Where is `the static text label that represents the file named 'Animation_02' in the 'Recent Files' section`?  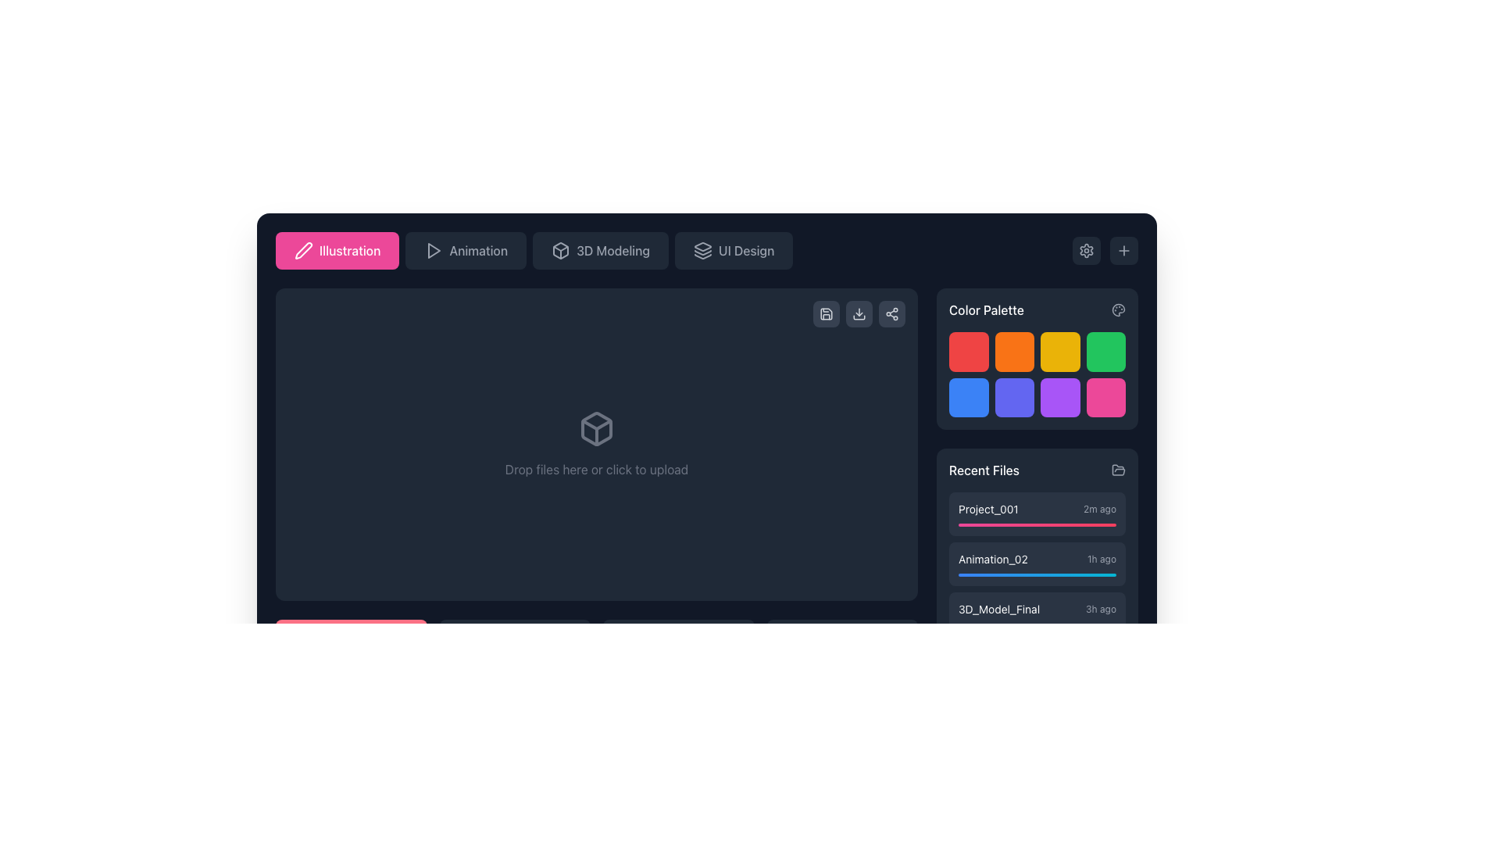
the static text label that represents the file named 'Animation_02' in the 'Recent Files' section is located at coordinates (992, 559).